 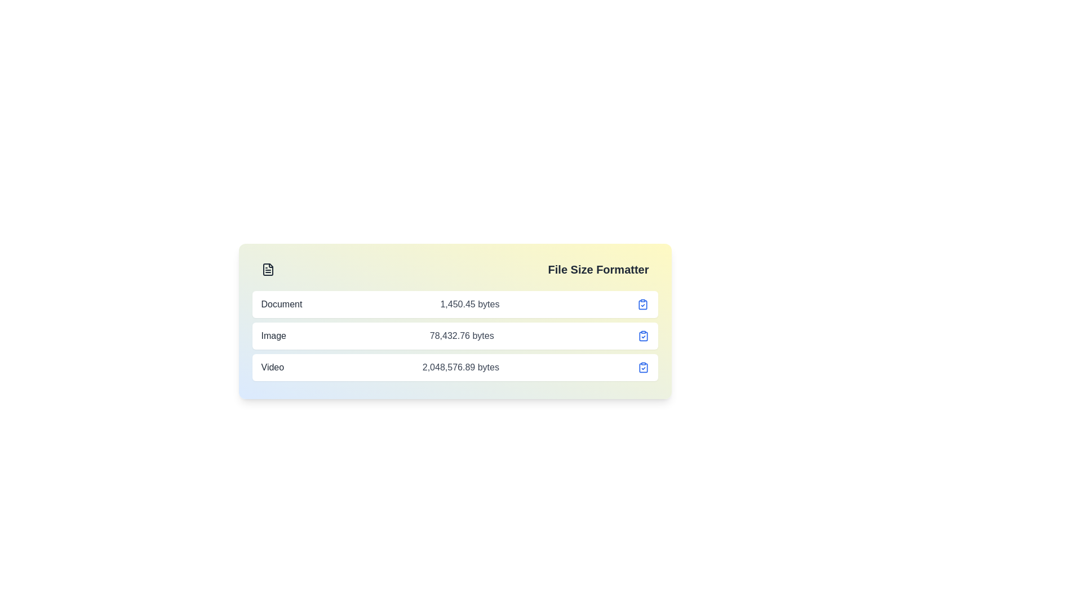 I want to click on the text display showing the numerical value '78,432.76 bytes' which is styled in light gray and positioned to the right of the label 'Image' in the card-like structure, so click(x=462, y=336).